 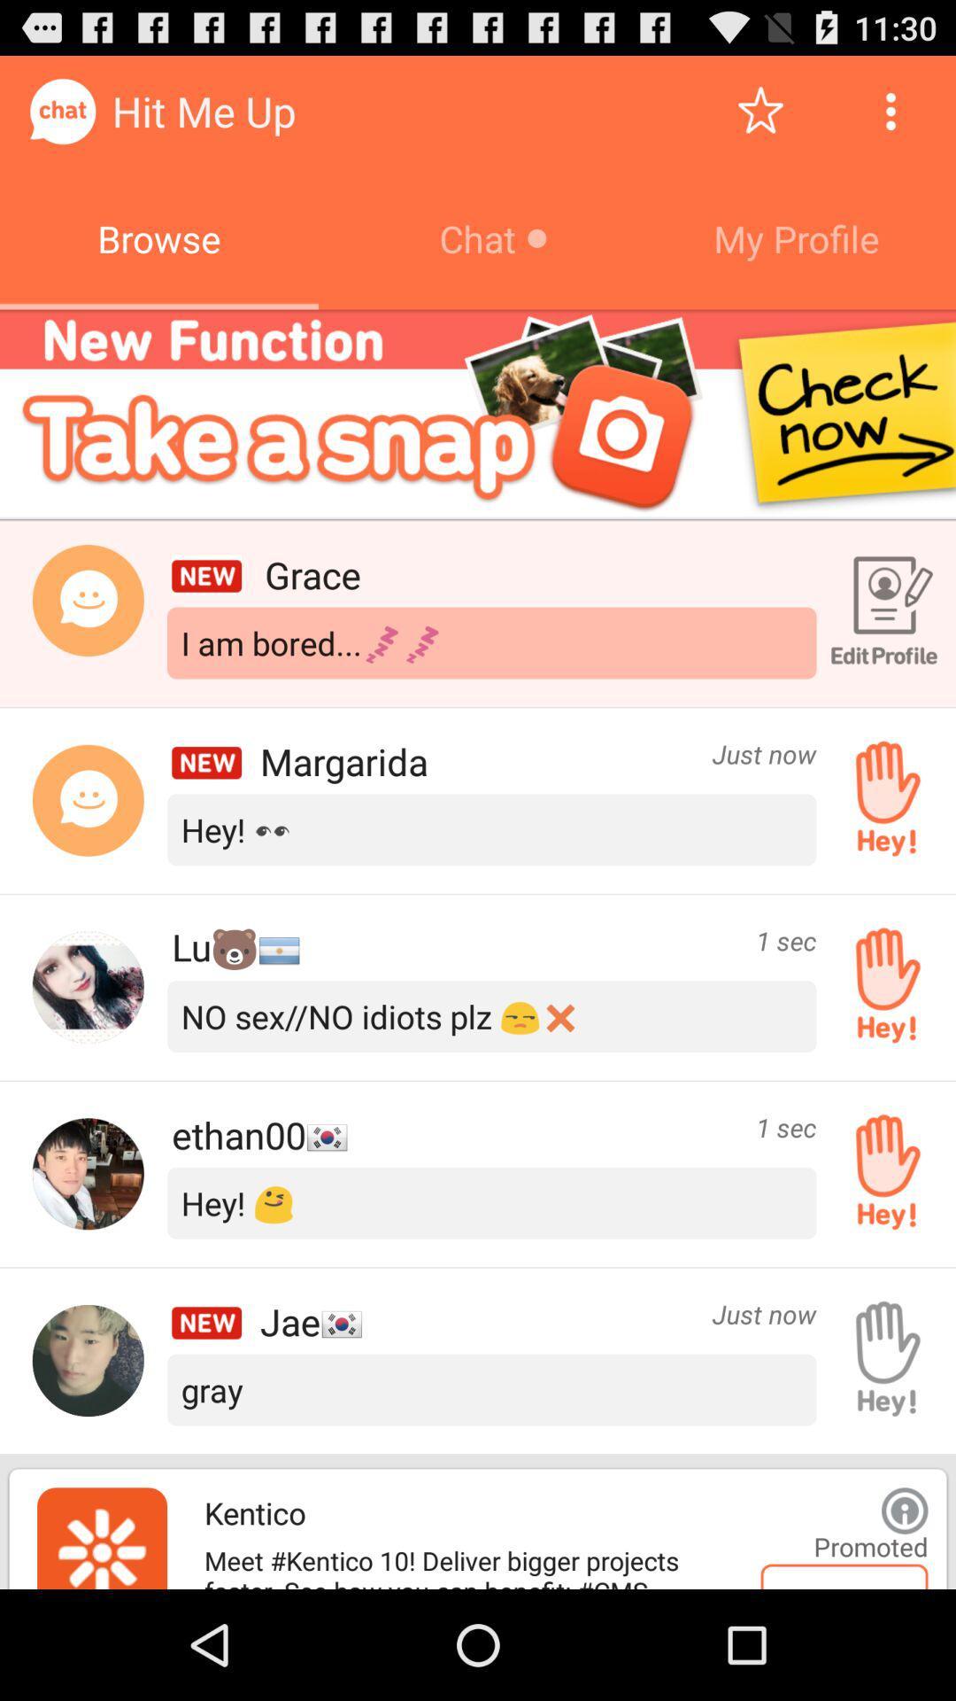 I want to click on give rating, so click(x=759, y=110).